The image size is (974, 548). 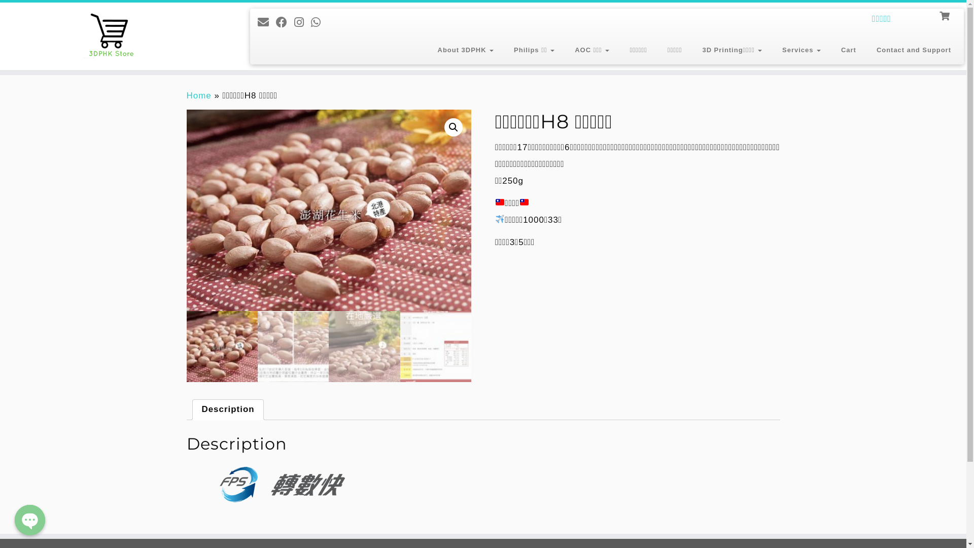 I want to click on 'Follow me on Facebook', so click(x=284, y=22).